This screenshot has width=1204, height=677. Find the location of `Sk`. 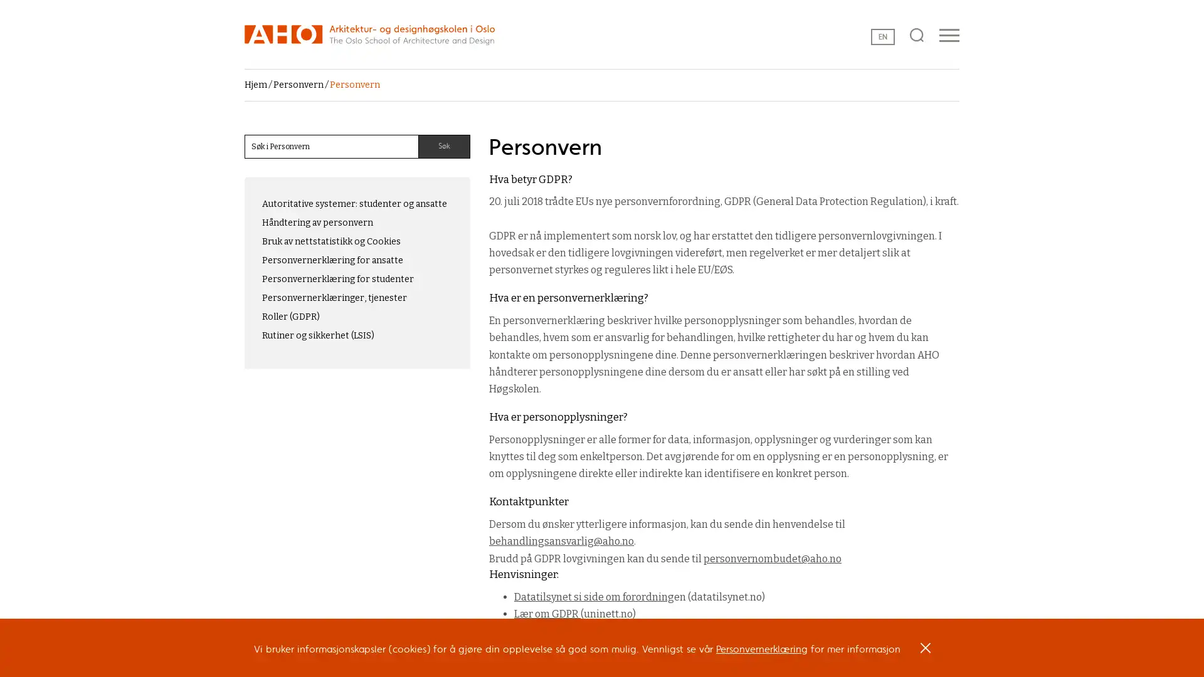

Sk is located at coordinates (444, 146).